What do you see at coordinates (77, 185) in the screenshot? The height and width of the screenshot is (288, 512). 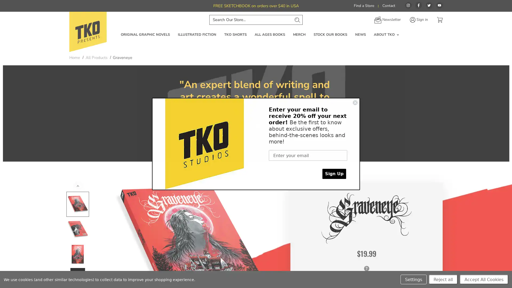 I see `< Previous` at bounding box center [77, 185].